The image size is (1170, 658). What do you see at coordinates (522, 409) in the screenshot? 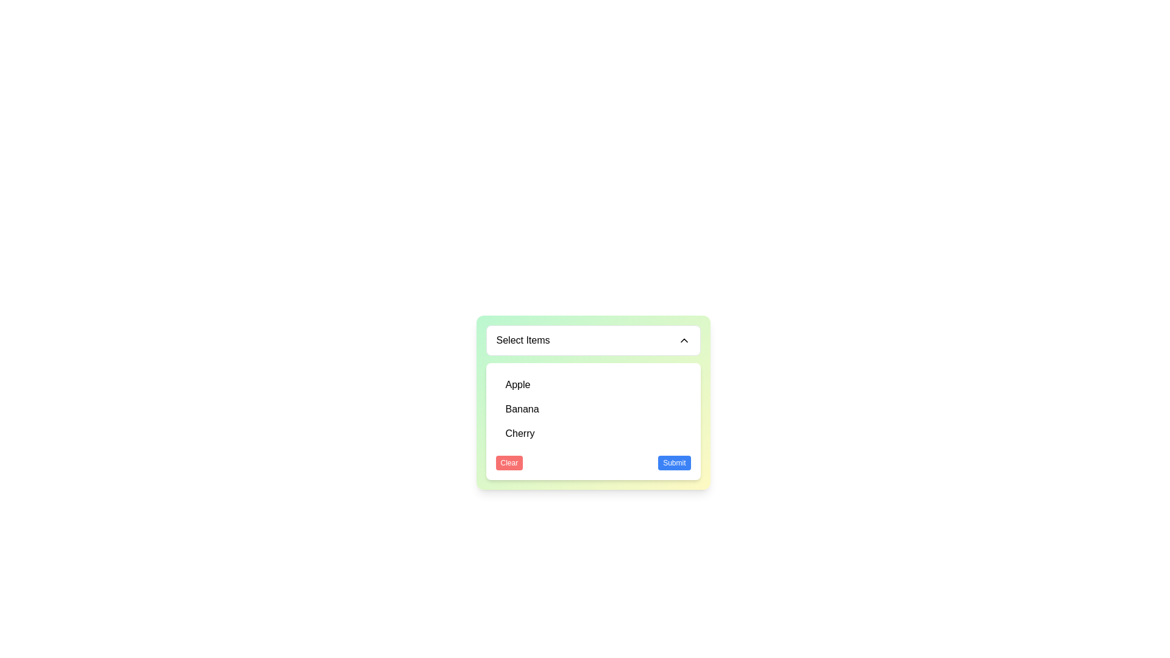
I see `the second option in the dropdown menu, which is a non-interactive Text Label displaying the name of the option, located below 'Apple' and above 'Cherry'` at bounding box center [522, 409].